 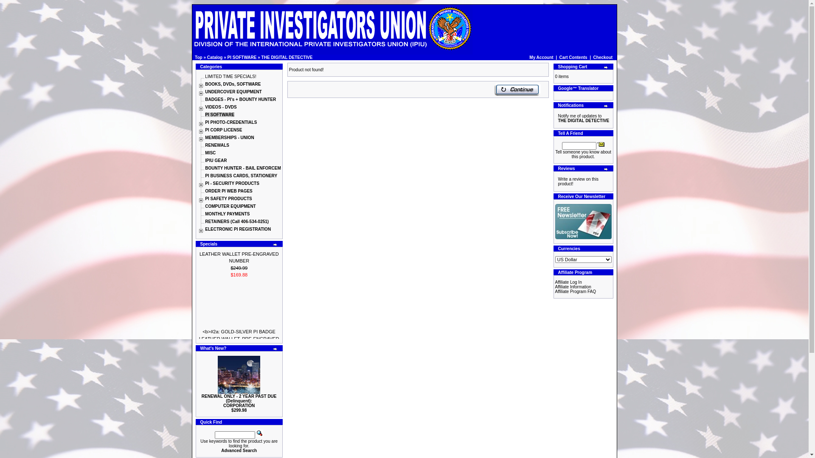 I want to click on 'RETAINERS (Call 406-534-0251)', so click(x=236, y=221).